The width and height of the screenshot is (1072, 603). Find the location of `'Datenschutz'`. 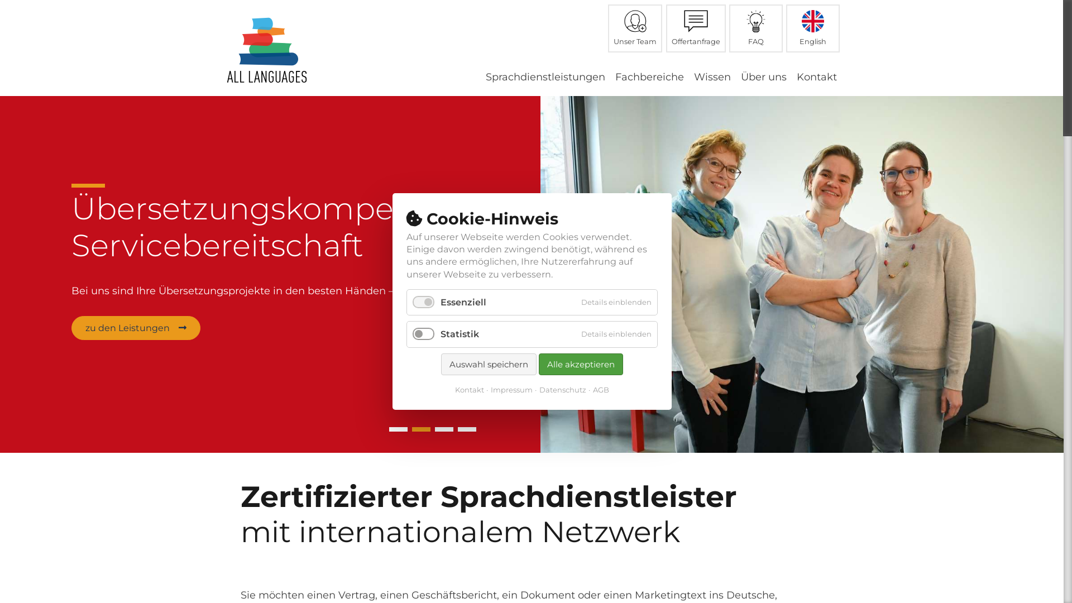

'Datenschutz' is located at coordinates (534, 389).